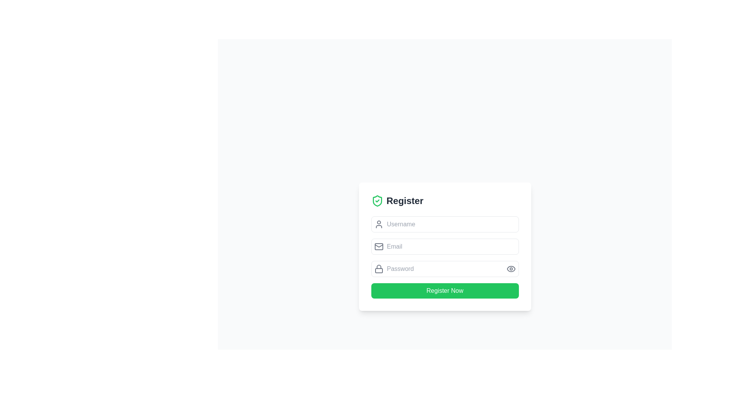 This screenshot has width=738, height=415. Describe the element at coordinates (379, 246) in the screenshot. I see `the decorative icon representing the email field in the registration form, located to the left of the 'Email' text label` at that location.